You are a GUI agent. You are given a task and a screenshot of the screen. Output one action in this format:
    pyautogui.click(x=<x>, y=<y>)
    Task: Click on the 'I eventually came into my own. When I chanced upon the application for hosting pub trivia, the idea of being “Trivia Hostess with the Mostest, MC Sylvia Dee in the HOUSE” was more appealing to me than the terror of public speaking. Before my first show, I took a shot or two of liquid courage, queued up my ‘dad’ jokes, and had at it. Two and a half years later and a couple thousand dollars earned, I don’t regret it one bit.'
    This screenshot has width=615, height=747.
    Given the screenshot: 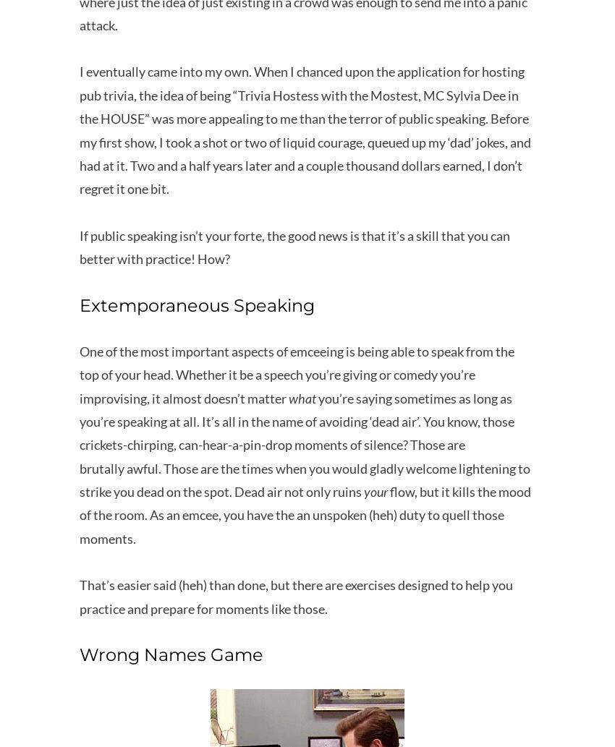 What is the action you would take?
    pyautogui.click(x=305, y=129)
    